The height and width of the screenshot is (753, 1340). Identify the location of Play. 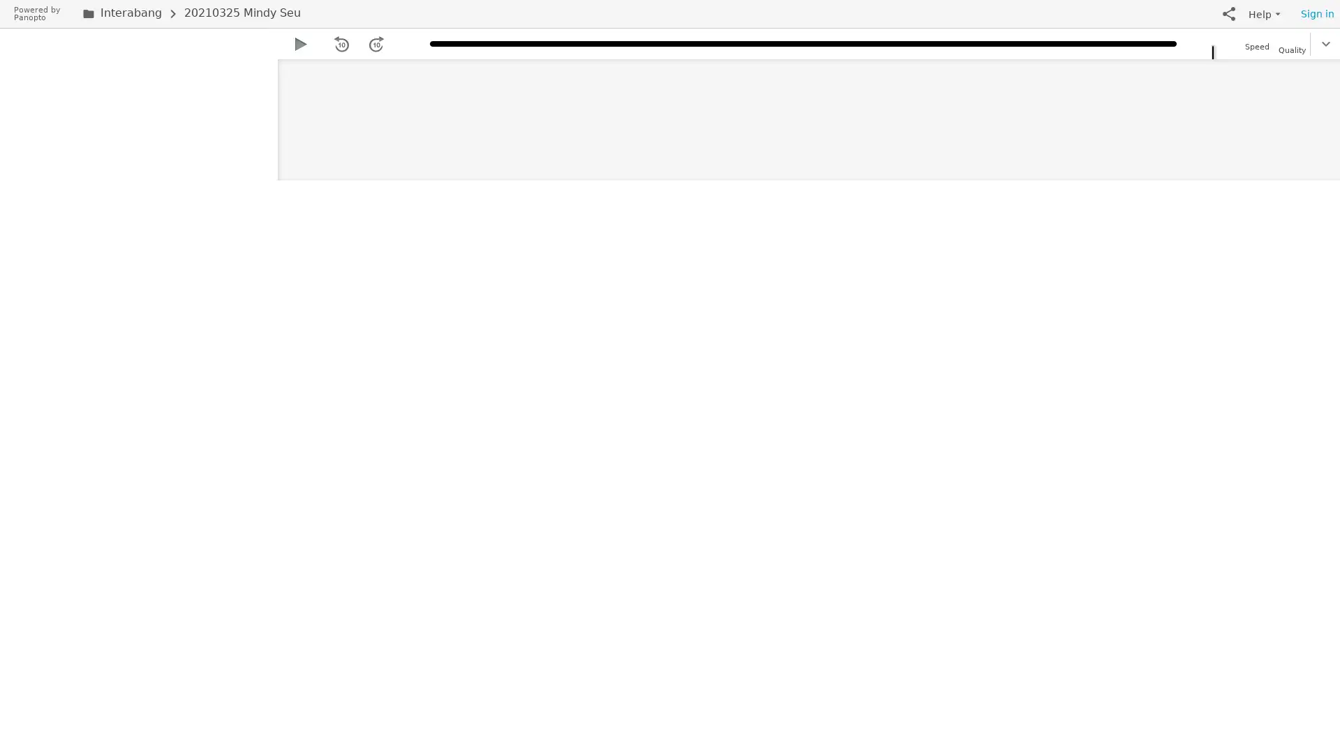
(300, 43).